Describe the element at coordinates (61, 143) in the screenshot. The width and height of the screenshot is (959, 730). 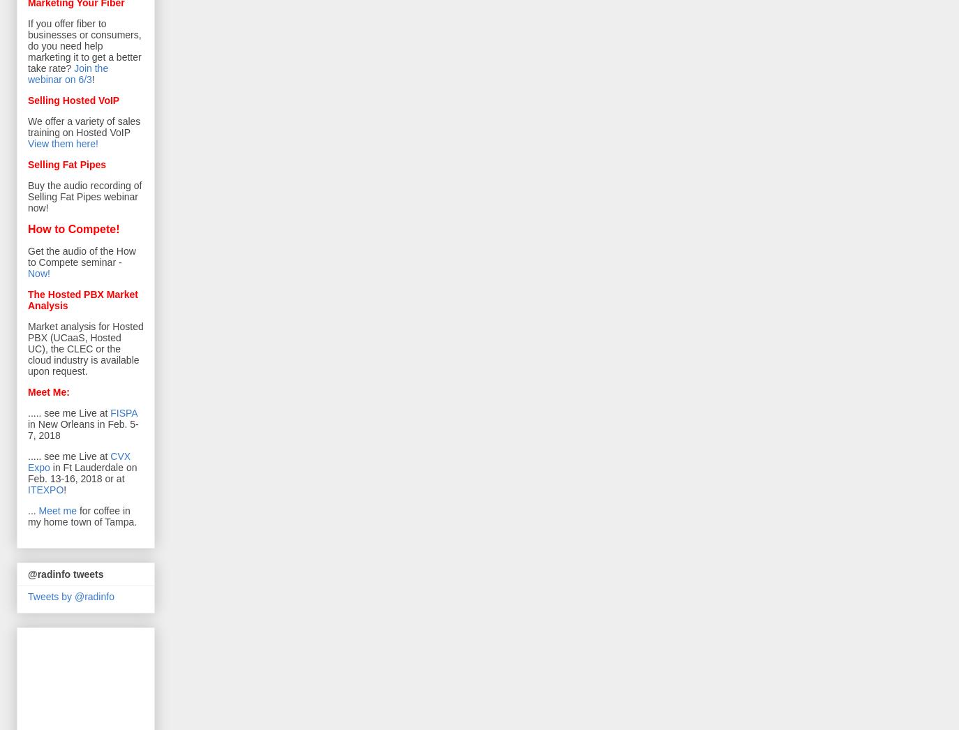
I see `'View them here!'` at that location.